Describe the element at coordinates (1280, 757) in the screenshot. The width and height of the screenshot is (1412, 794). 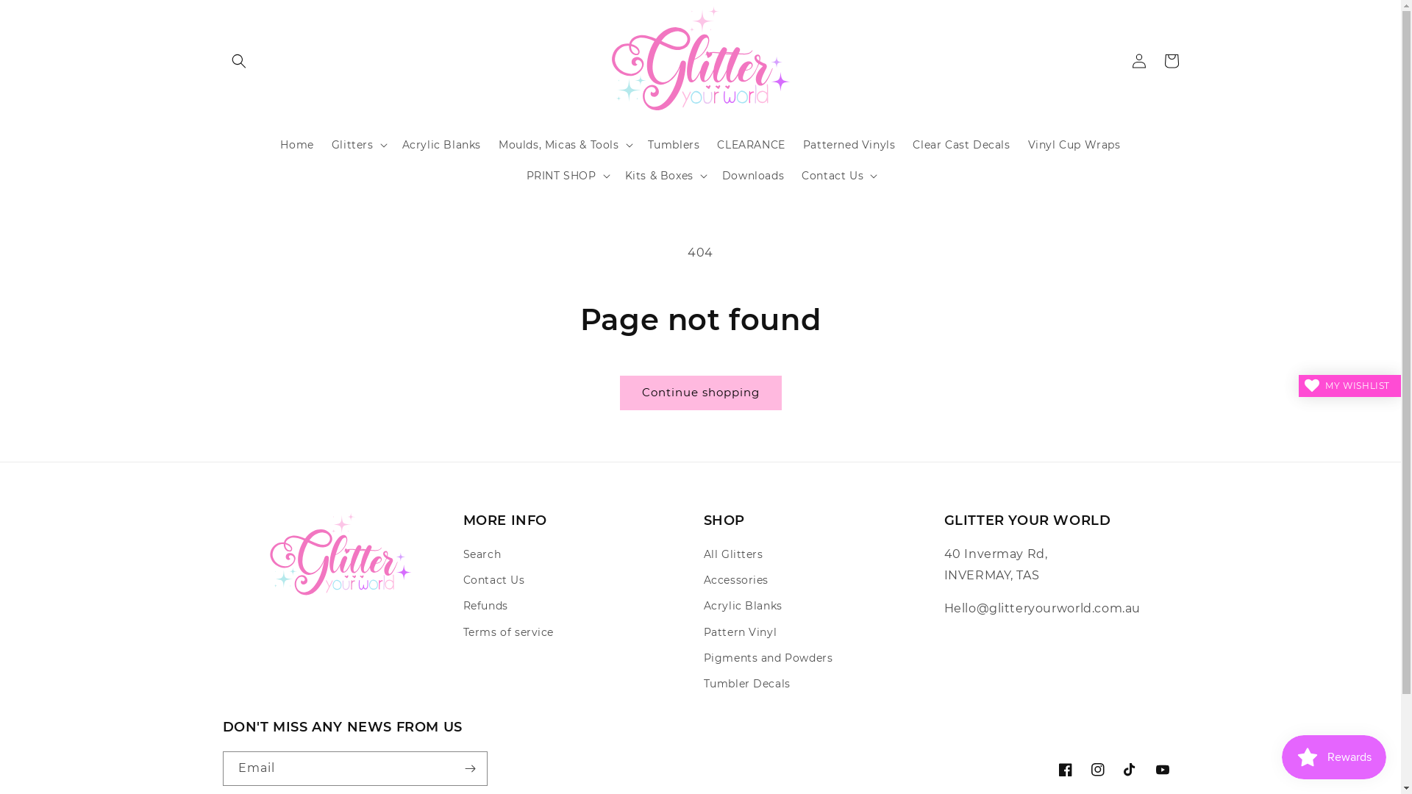
I see `'Smile.io Rewards Program Launcher'` at that location.